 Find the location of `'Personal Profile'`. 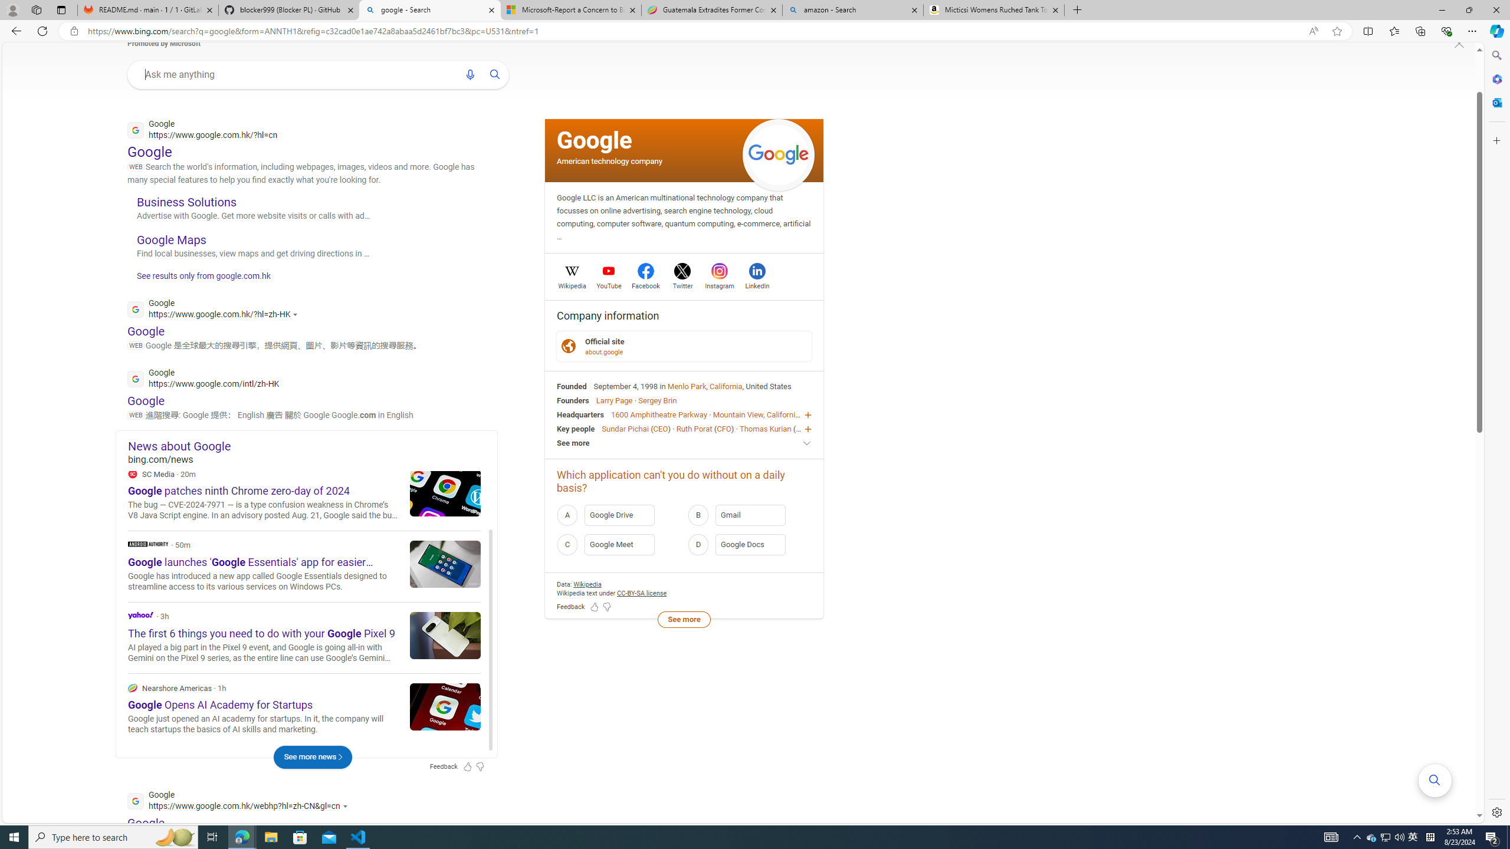

'Personal Profile' is located at coordinates (12, 9).